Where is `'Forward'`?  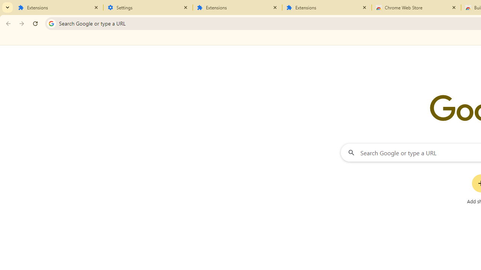
'Forward' is located at coordinates (22, 23).